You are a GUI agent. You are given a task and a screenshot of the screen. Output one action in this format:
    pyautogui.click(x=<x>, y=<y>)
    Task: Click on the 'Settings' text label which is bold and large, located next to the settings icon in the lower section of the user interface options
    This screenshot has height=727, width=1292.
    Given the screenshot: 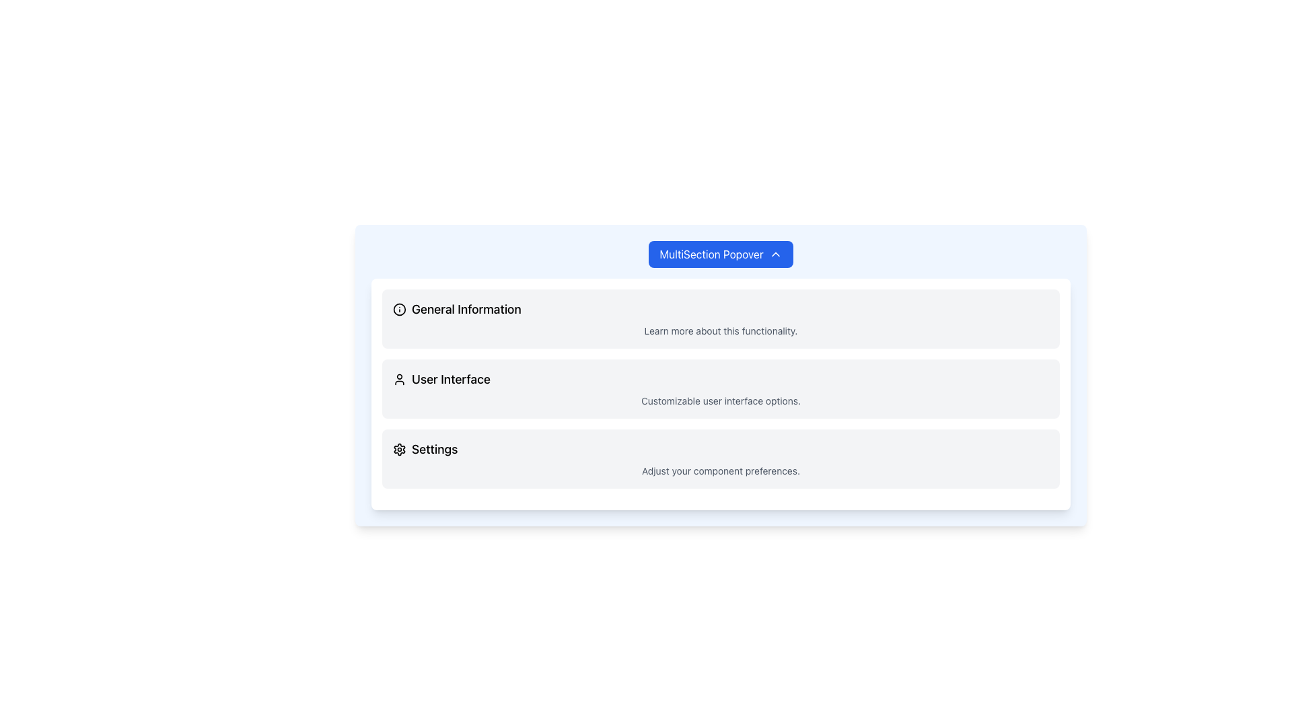 What is the action you would take?
    pyautogui.click(x=435, y=449)
    